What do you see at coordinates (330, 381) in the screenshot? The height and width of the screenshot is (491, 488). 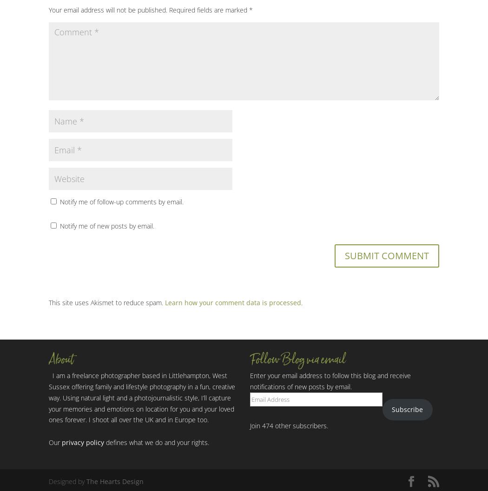 I see `'Enter your email address to follow this blog and receive notifications of new posts by email.'` at bounding box center [330, 381].